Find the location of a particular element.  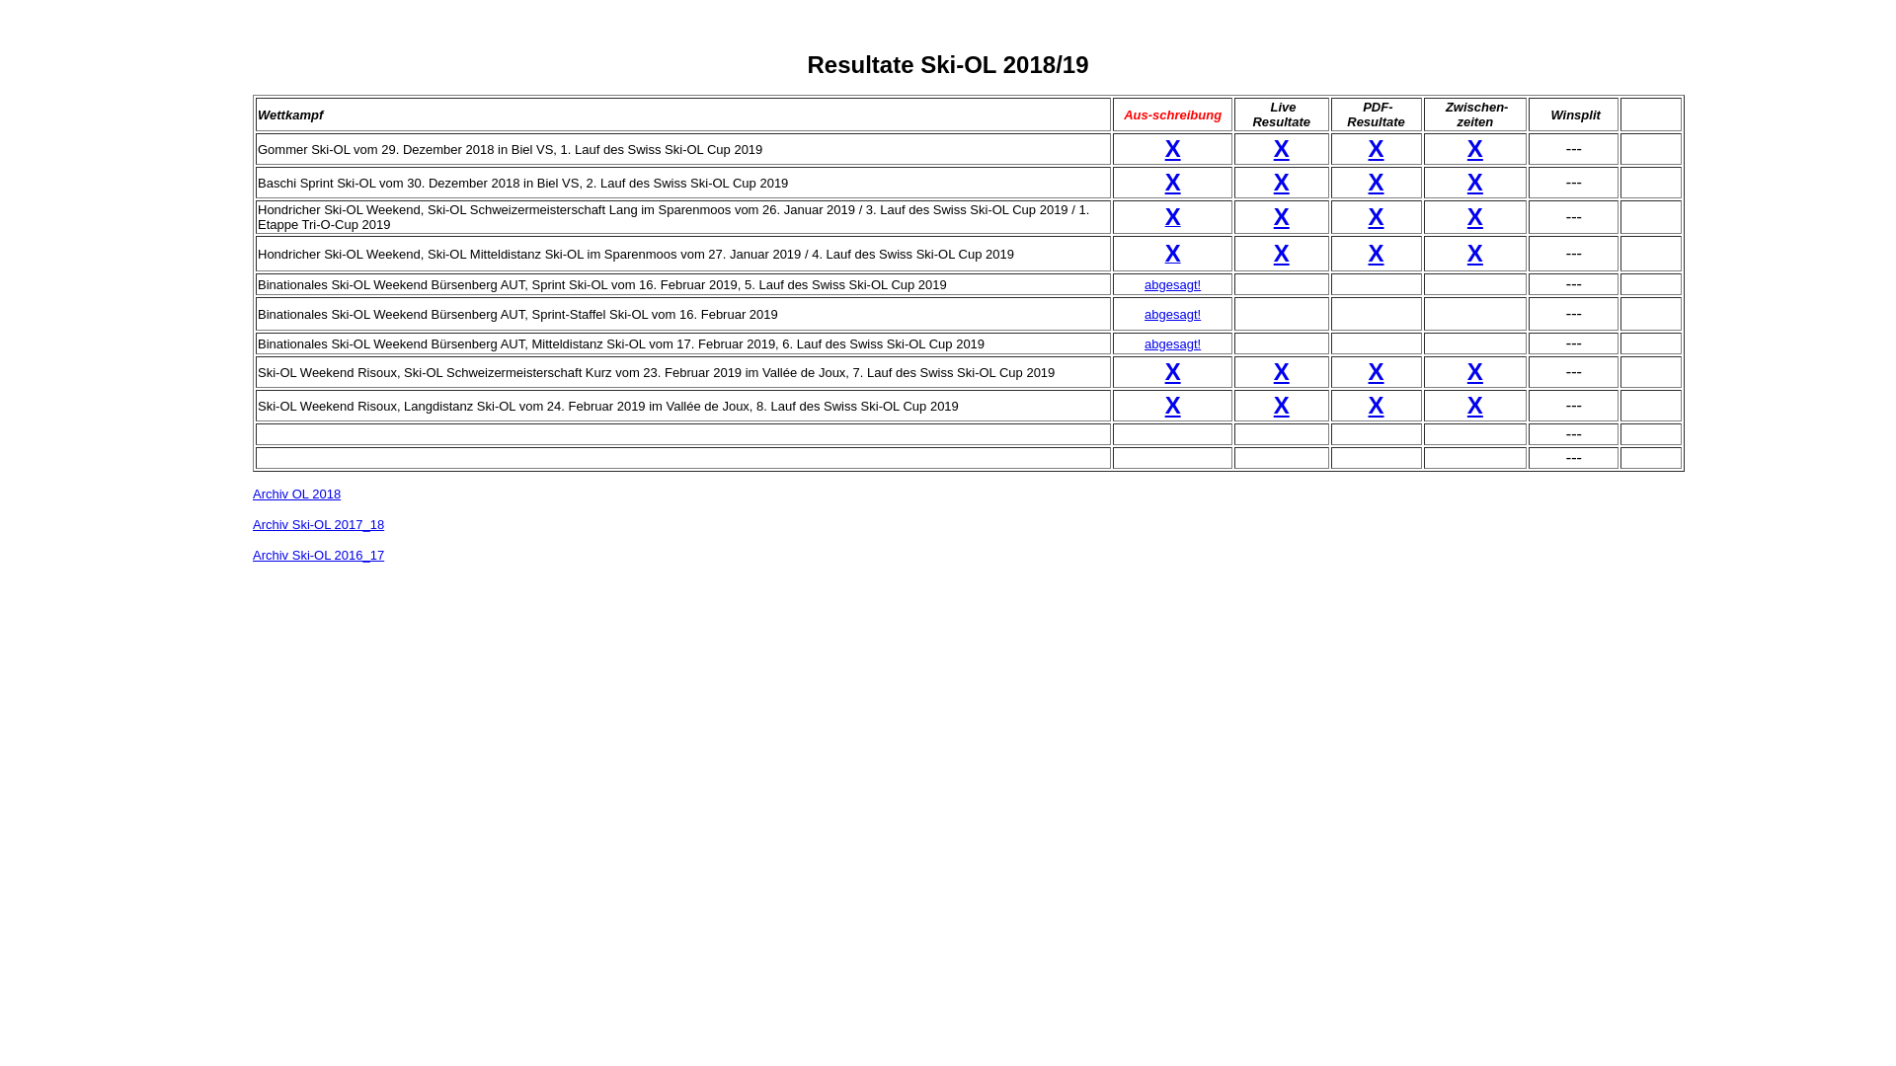

'Archiv Ski-OL 2017_18' is located at coordinates (318, 523).